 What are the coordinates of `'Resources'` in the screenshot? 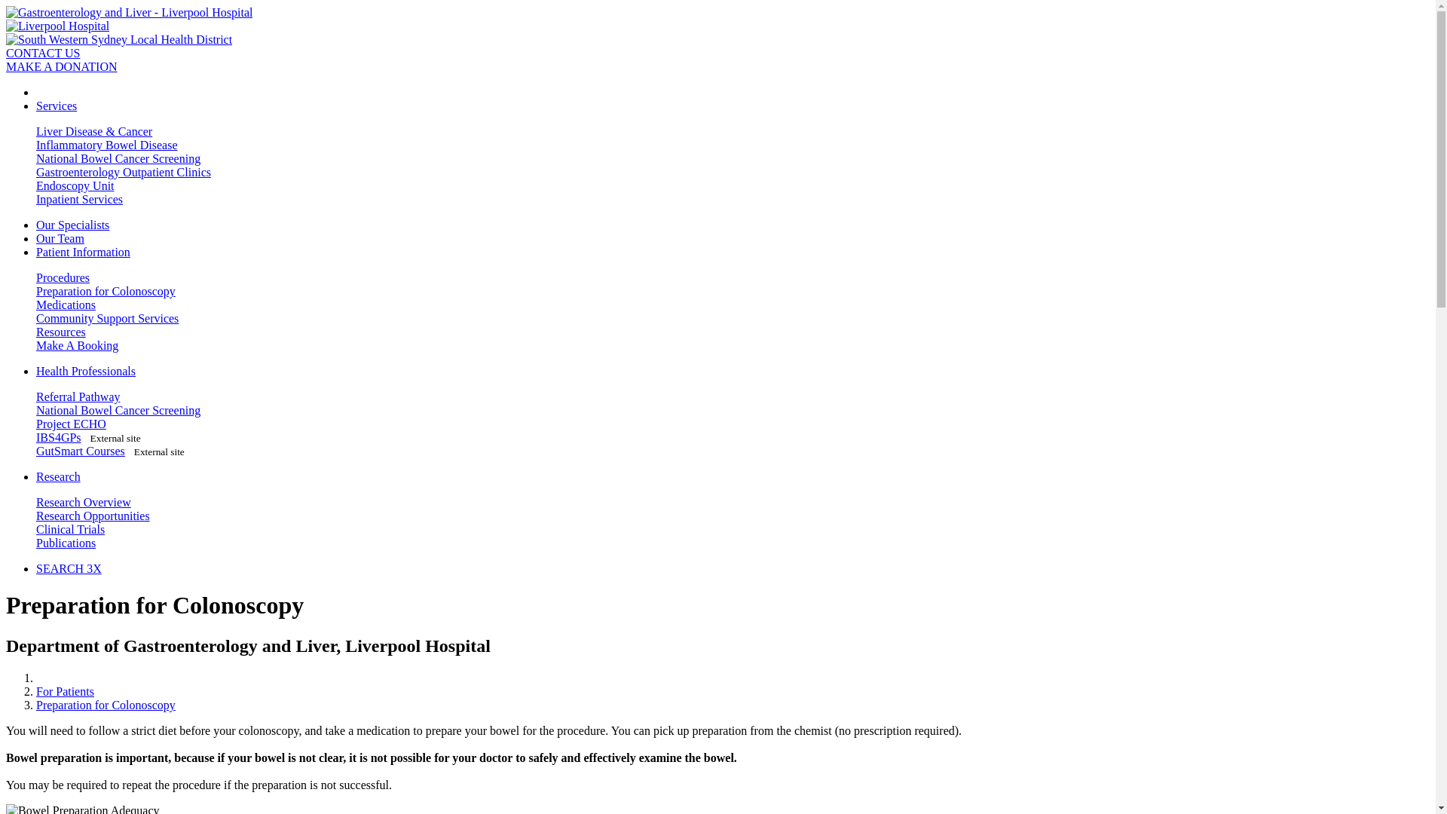 It's located at (36, 331).